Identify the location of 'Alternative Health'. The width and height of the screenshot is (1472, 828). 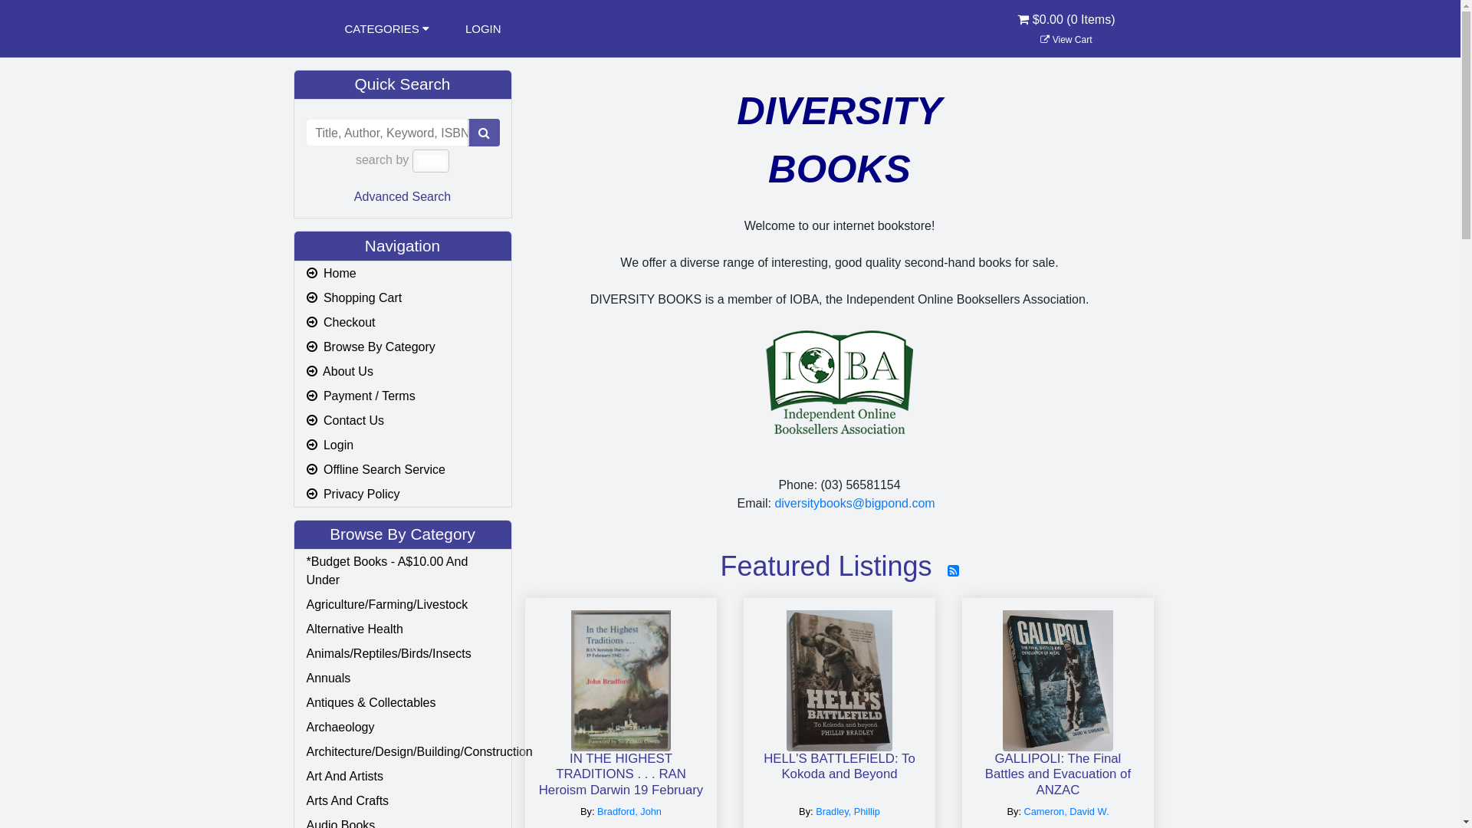
(402, 629).